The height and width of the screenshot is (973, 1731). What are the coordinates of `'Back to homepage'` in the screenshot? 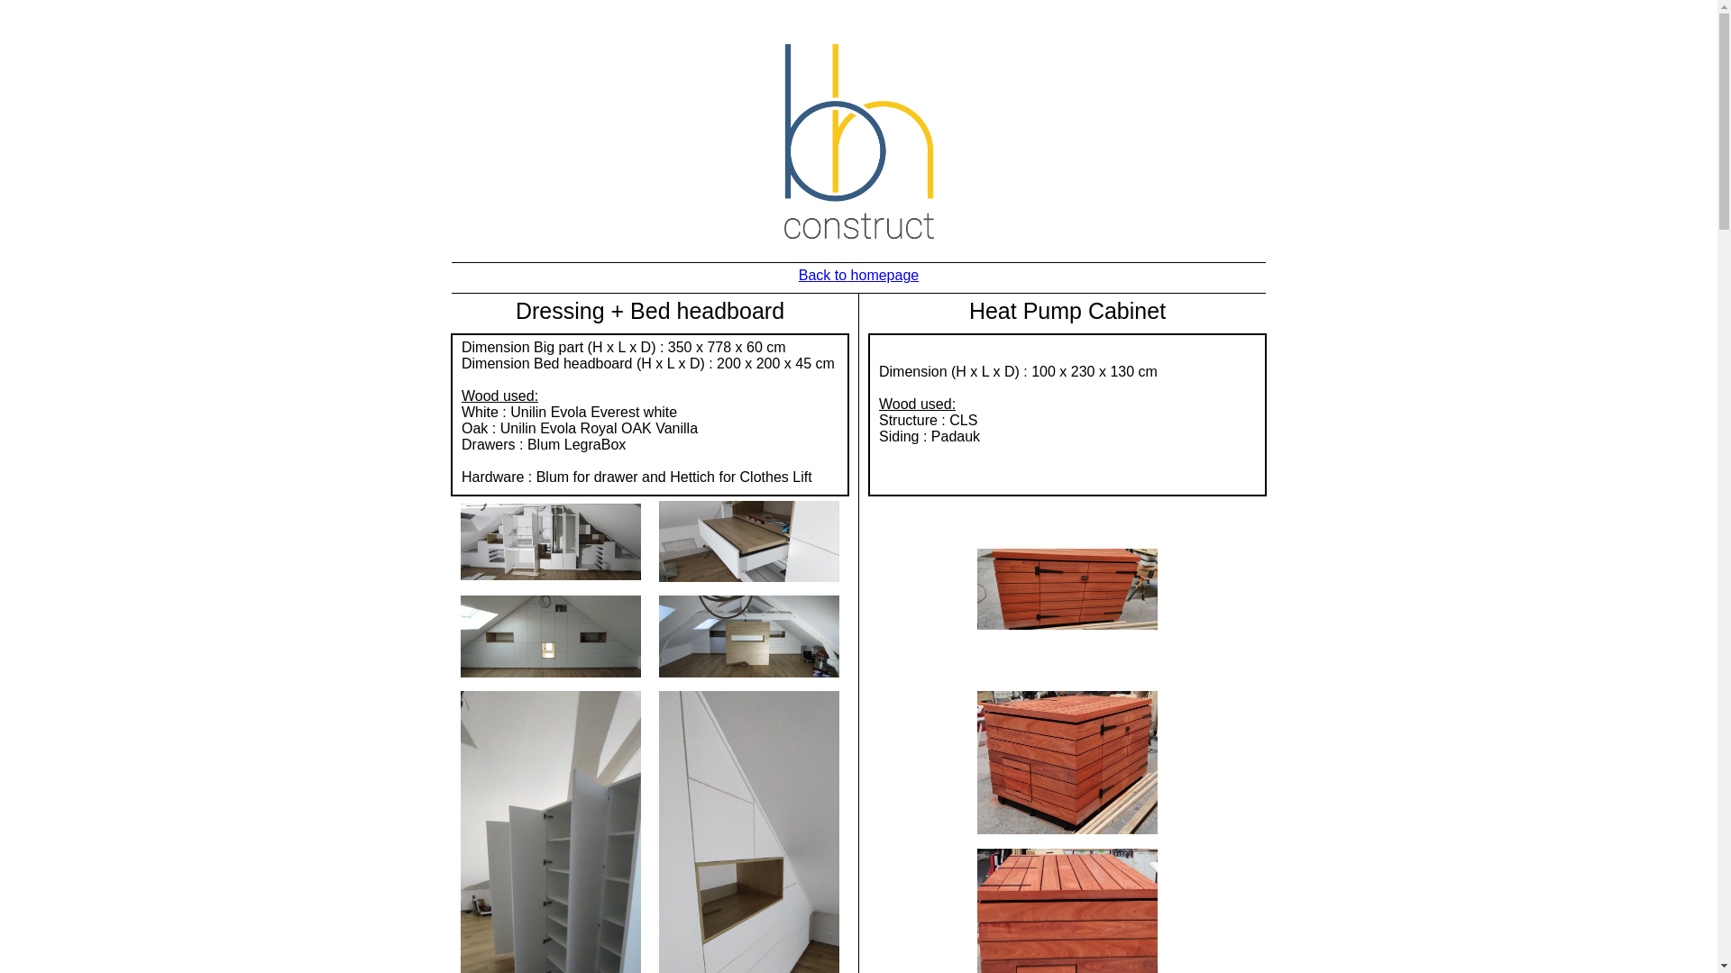 It's located at (857, 275).